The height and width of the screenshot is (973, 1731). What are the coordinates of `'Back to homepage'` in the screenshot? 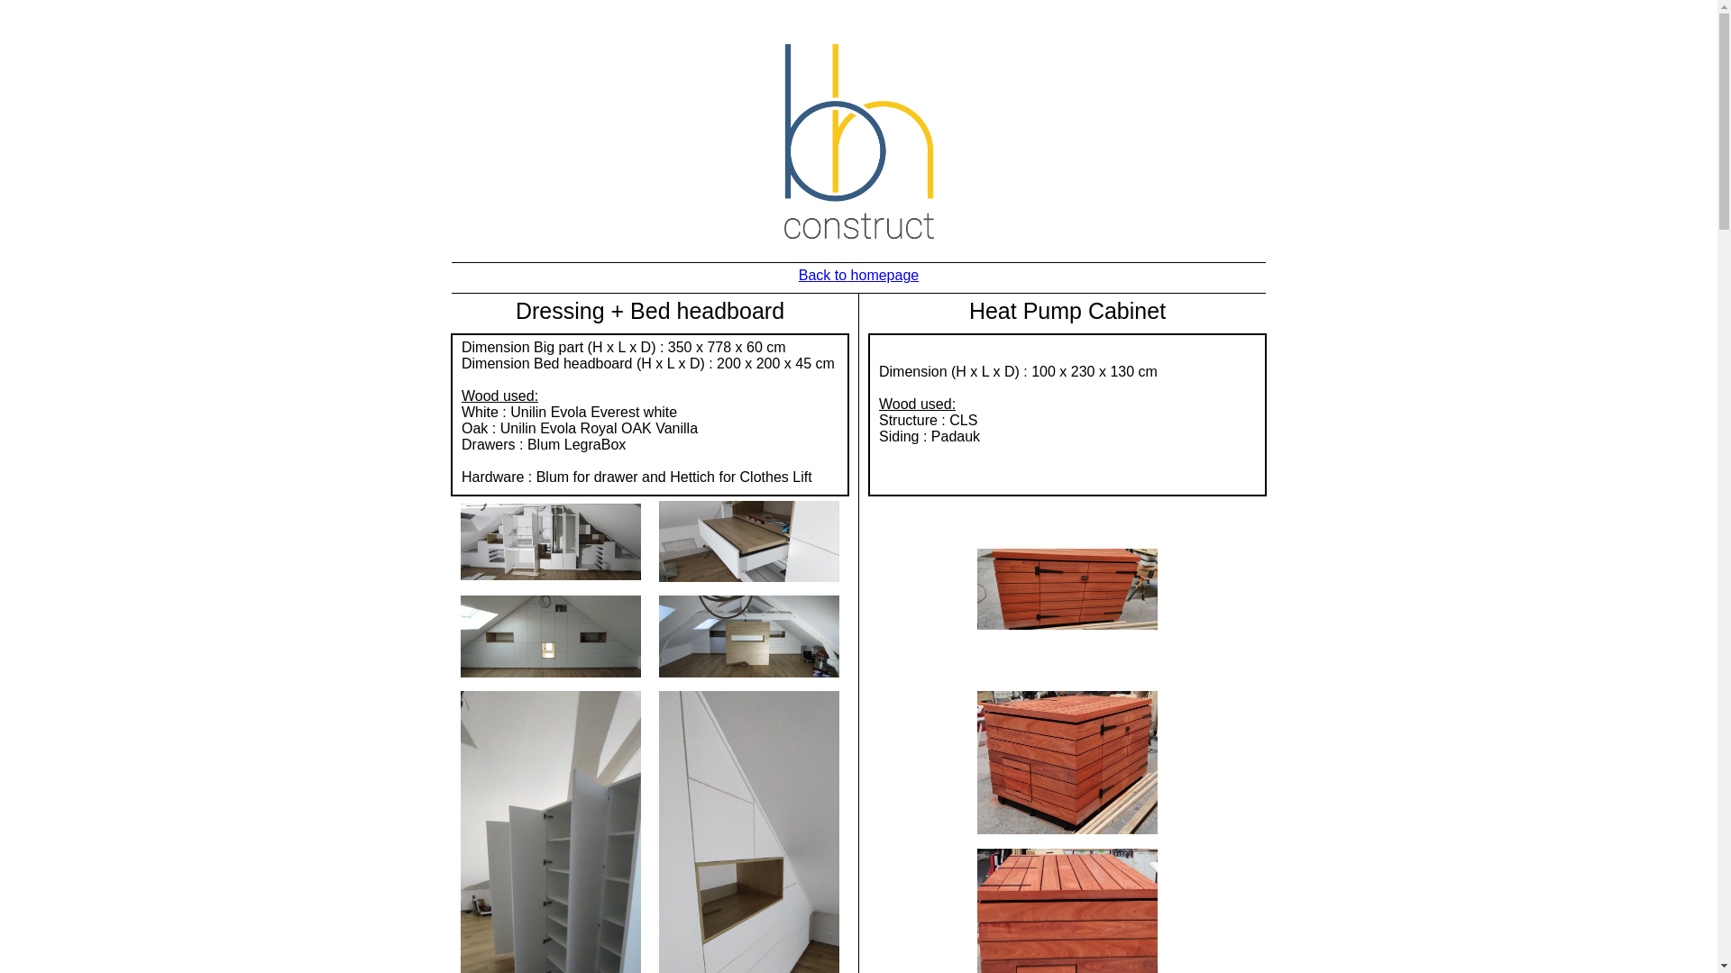 It's located at (857, 275).